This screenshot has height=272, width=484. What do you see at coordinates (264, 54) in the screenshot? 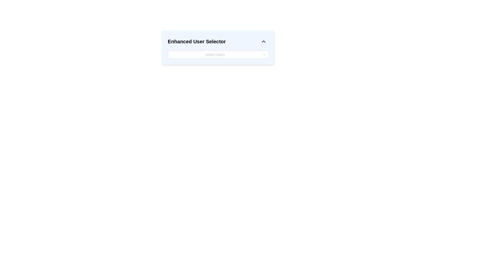
I see `the dropdown toggle indicator located on the far right side of the 'Select users' input field` at bounding box center [264, 54].